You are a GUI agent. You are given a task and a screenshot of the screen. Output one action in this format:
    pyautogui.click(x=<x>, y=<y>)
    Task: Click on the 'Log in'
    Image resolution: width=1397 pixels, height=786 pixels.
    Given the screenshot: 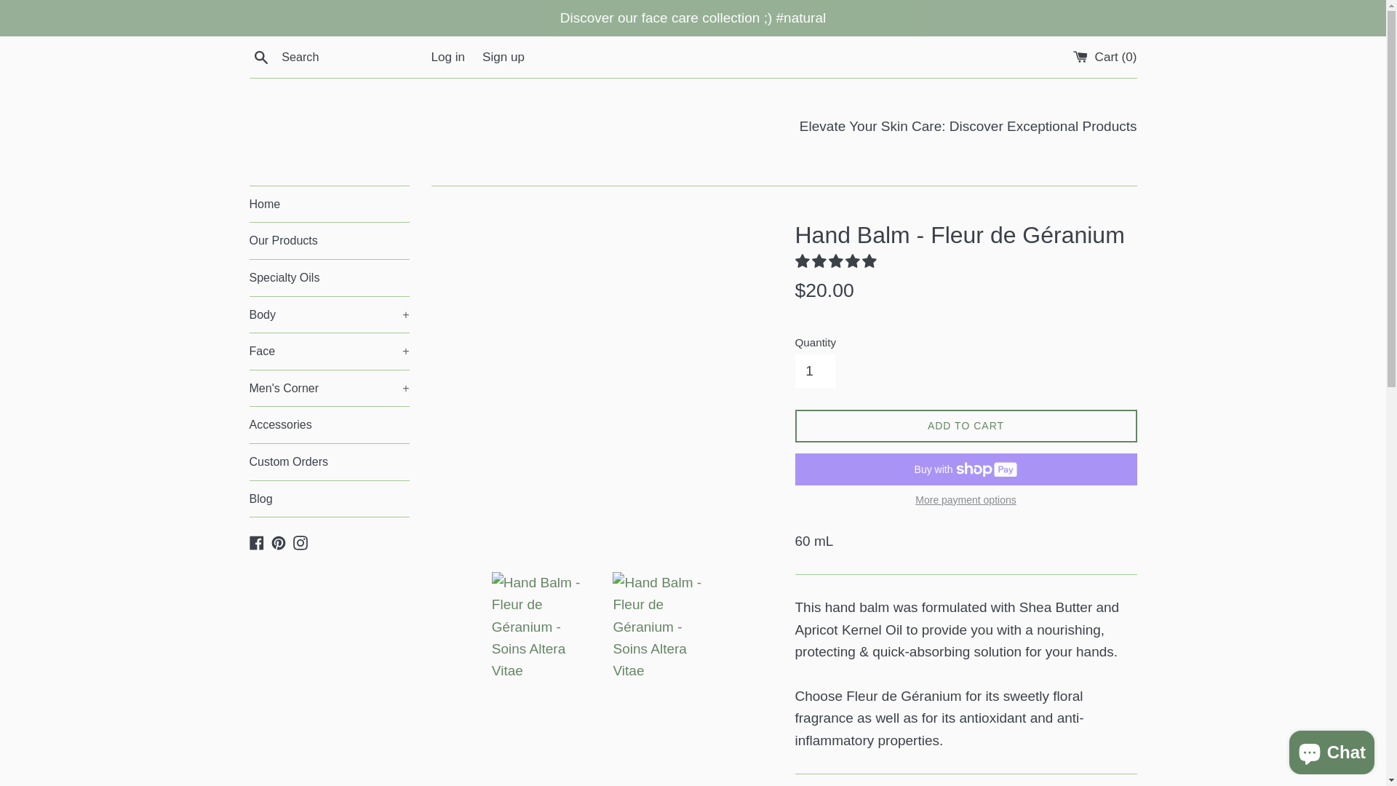 What is the action you would take?
    pyautogui.click(x=429, y=56)
    